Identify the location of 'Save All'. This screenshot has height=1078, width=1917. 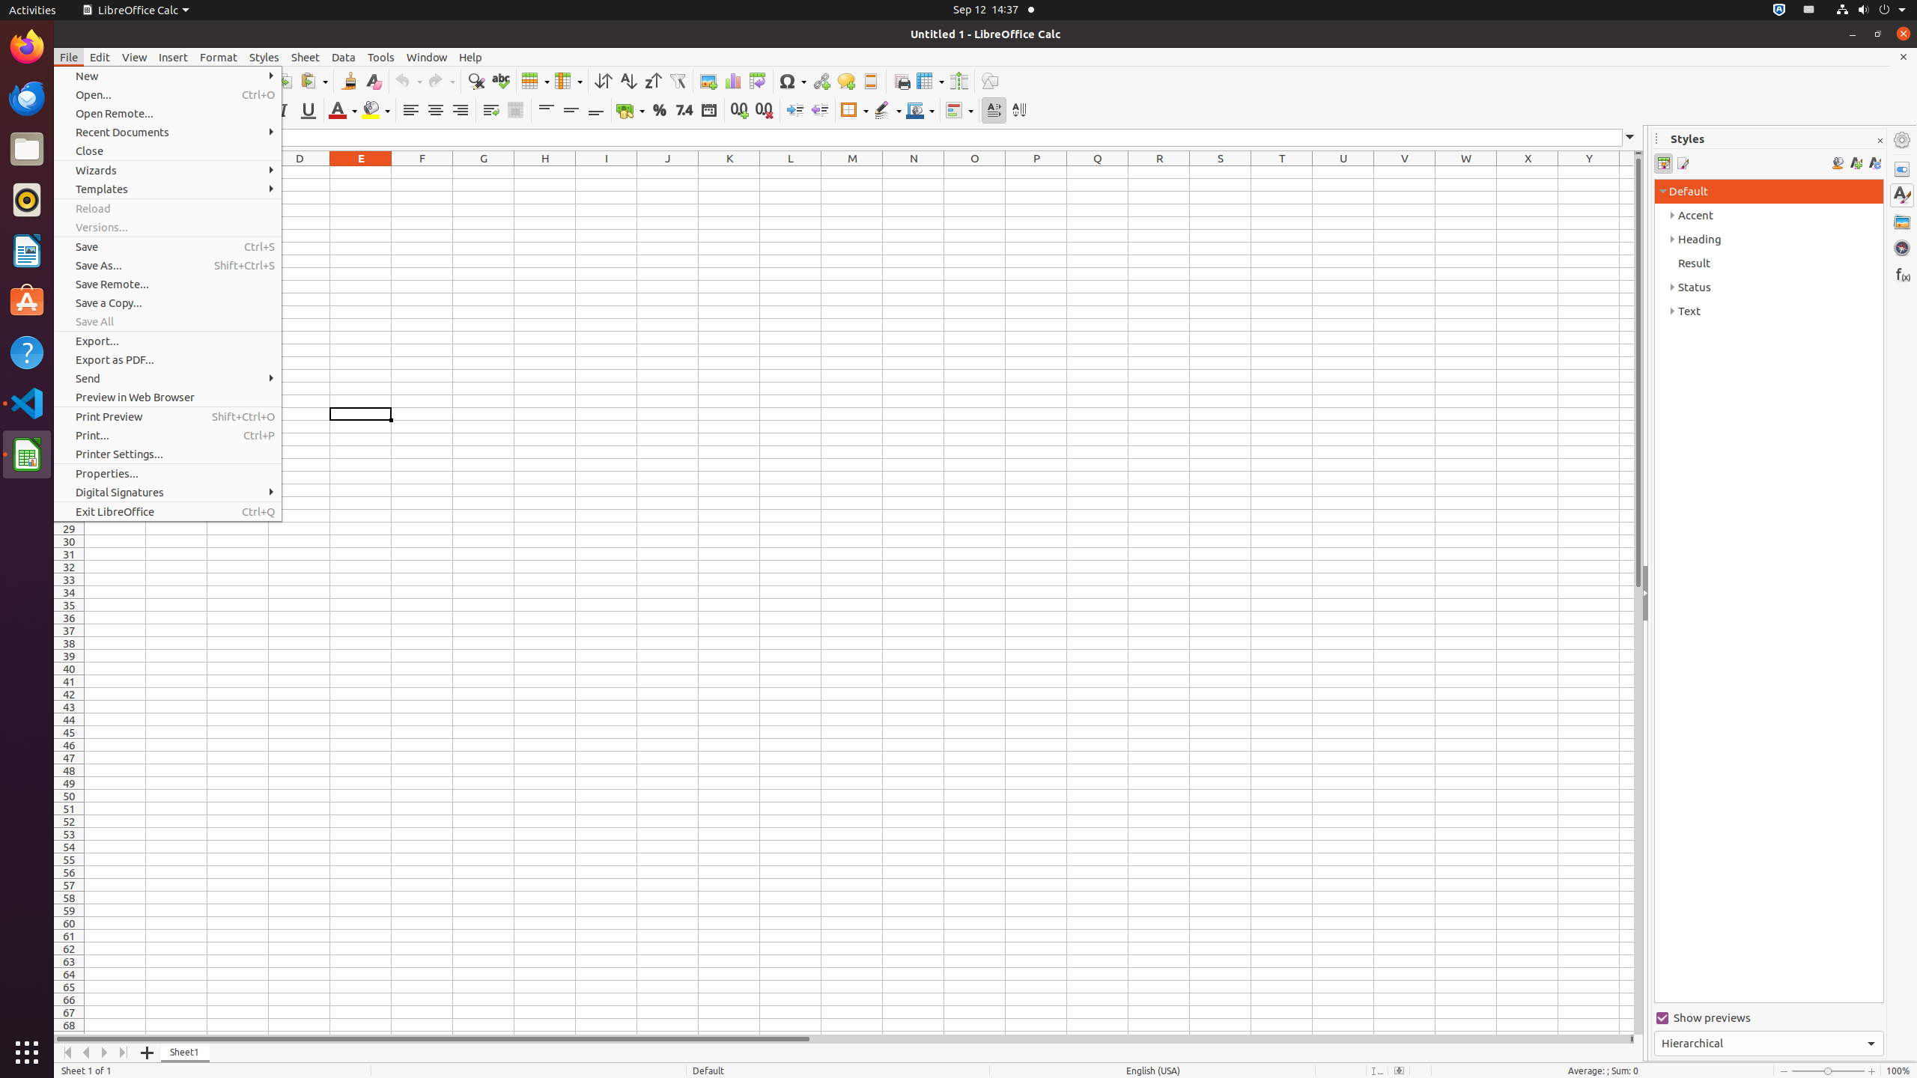
(168, 320).